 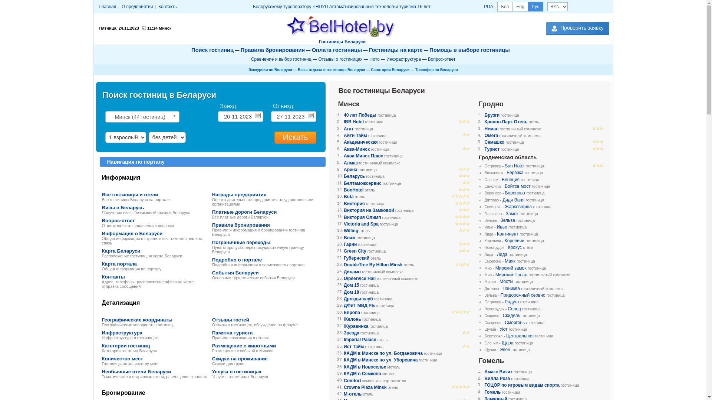 What do you see at coordinates (343, 121) in the screenshot?
I see `'IBB Hotel'` at bounding box center [343, 121].